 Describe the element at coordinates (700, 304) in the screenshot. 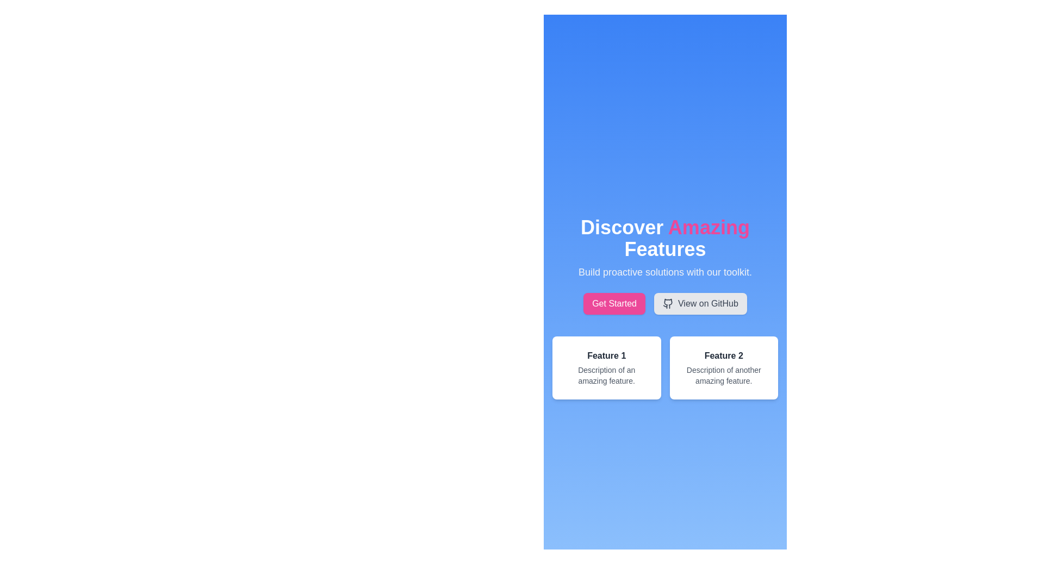

I see `the button located to the right of the 'Get Started' button` at that location.